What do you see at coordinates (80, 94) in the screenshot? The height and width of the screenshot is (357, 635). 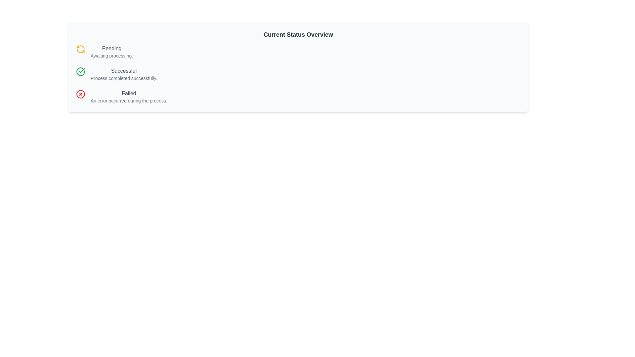 I see `the red error icon with an 'X' symbol, which is positioned to the left of the 'Failed' label` at bounding box center [80, 94].